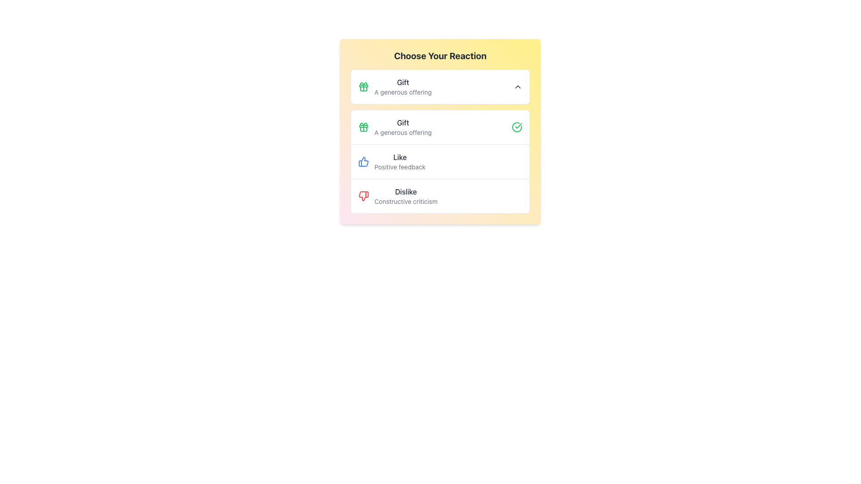  I want to click on the red thumbs-down icon under the 'Dislike' option, which is paired with the explanatory text 'Constructive criticism.', so click(364, 196).